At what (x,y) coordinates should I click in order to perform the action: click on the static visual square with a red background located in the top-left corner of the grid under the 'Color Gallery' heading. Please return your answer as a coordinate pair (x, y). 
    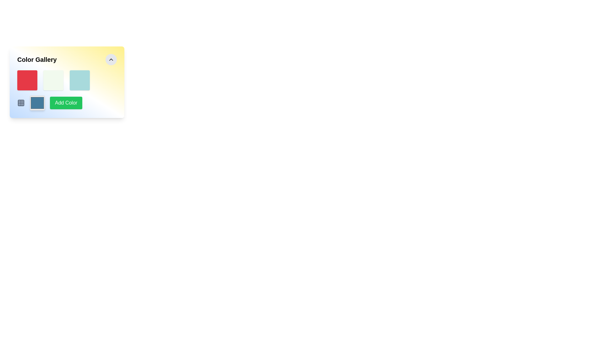
    Looking at the image, I should click on (27, 80).